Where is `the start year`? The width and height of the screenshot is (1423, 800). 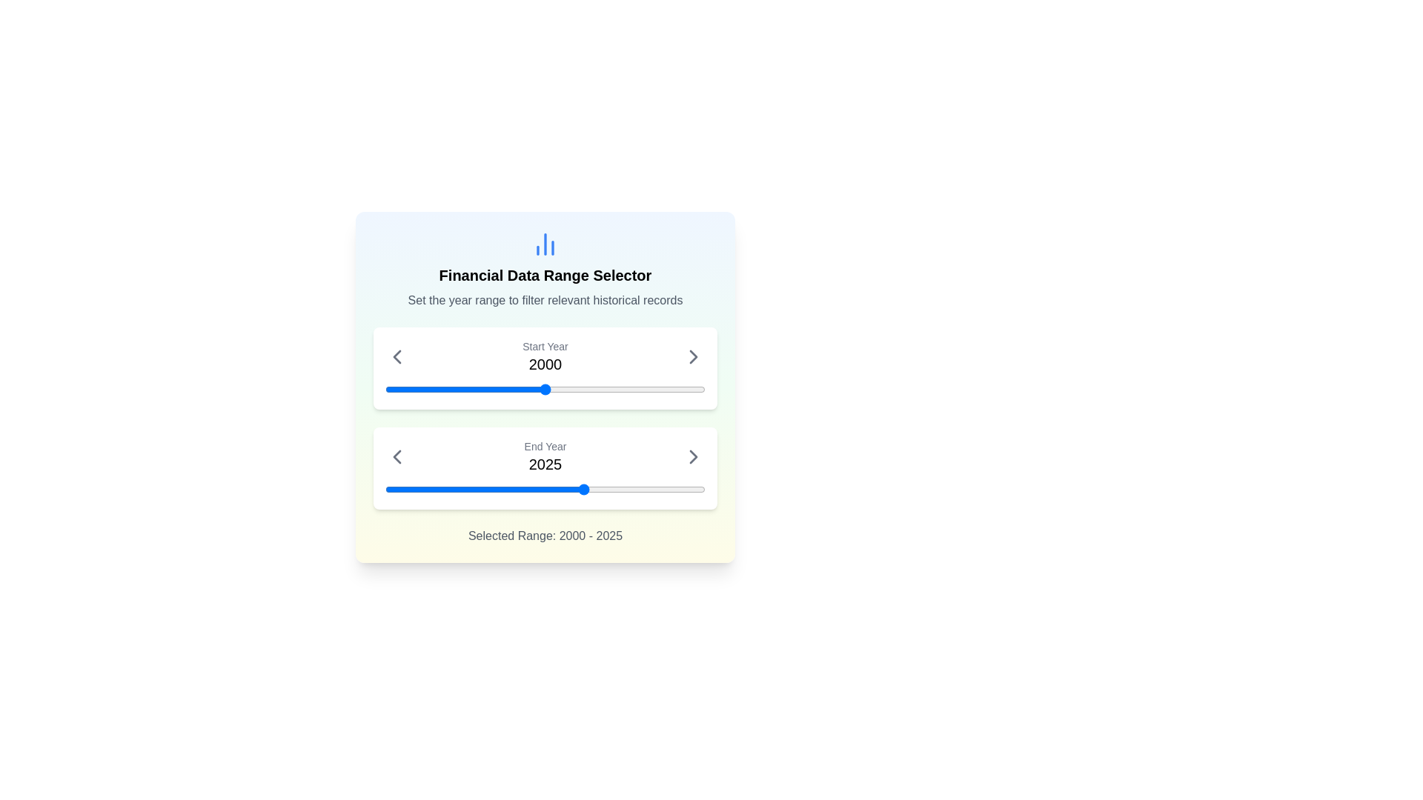 the start year is located at coordinates (500, 388).